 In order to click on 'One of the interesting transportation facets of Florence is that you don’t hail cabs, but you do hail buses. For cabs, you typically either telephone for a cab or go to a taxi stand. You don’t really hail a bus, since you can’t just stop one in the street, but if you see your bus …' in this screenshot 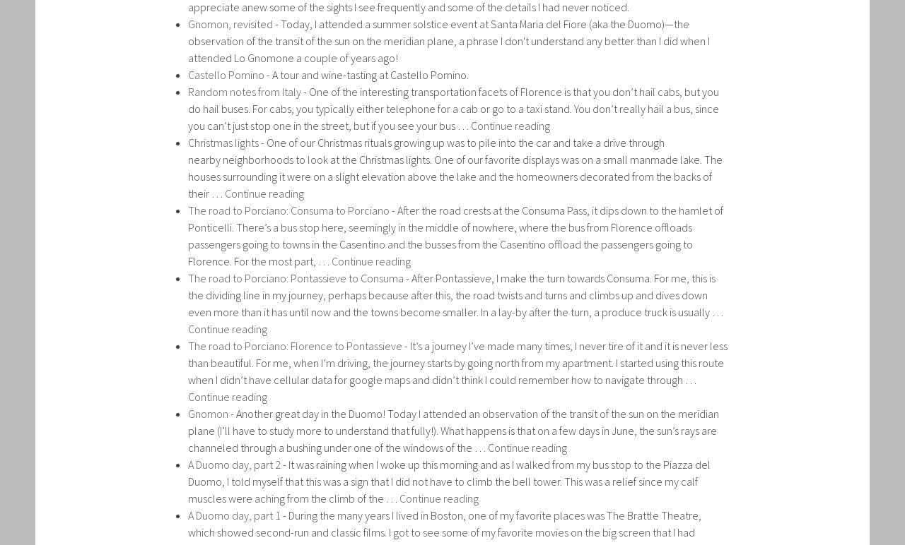, I will do `click(453, 108)`.